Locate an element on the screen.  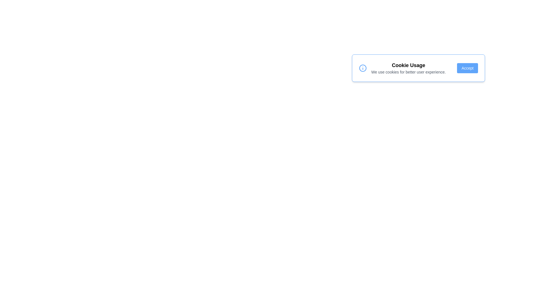
the informational icon located at the top-left corner of the notification box, adjacent to the 'Cookie Usage' header text is located at coordinates (363, 68).